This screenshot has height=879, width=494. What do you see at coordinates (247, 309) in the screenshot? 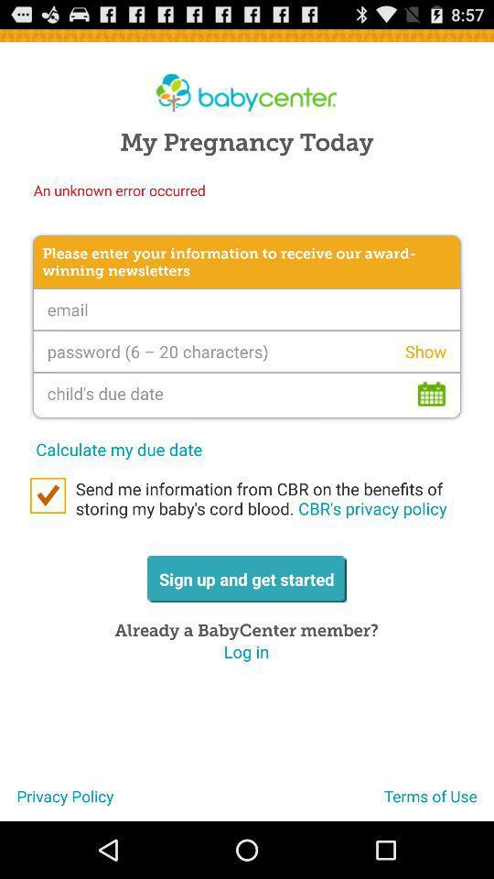
I see `type email address` at bounding box center [247, 309].